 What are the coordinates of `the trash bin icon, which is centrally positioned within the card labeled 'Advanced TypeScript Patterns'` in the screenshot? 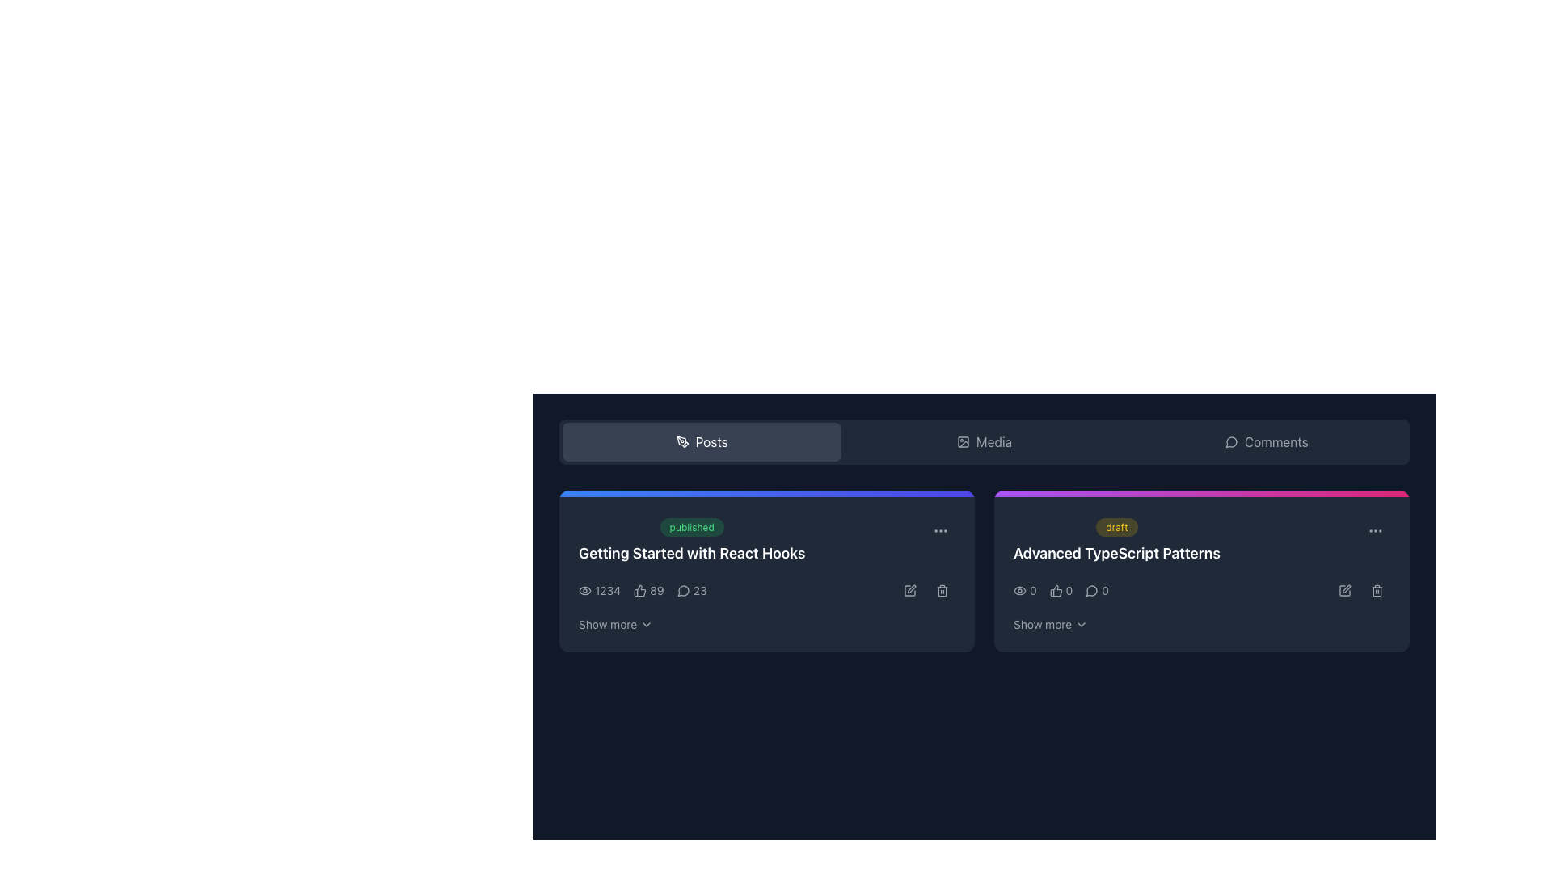 It's located at (1377, 592).